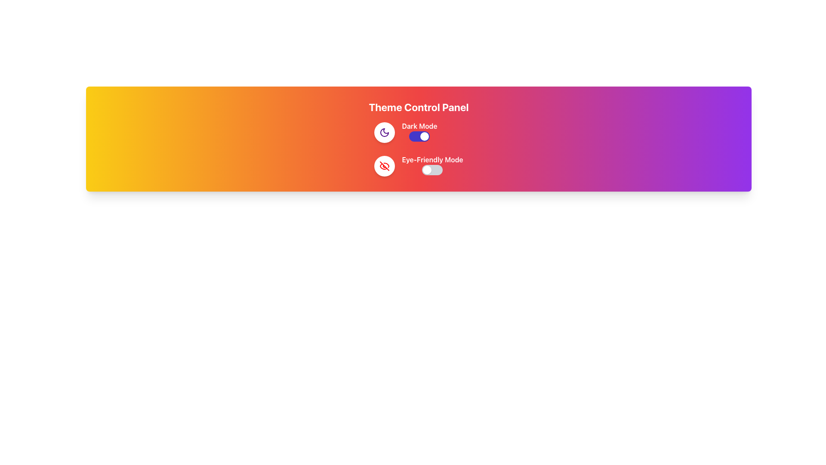 The image size is (826, 465). I want to click on the second toggle switch located in the 'Eye-Friendly Mode' section, so click(432, 170).